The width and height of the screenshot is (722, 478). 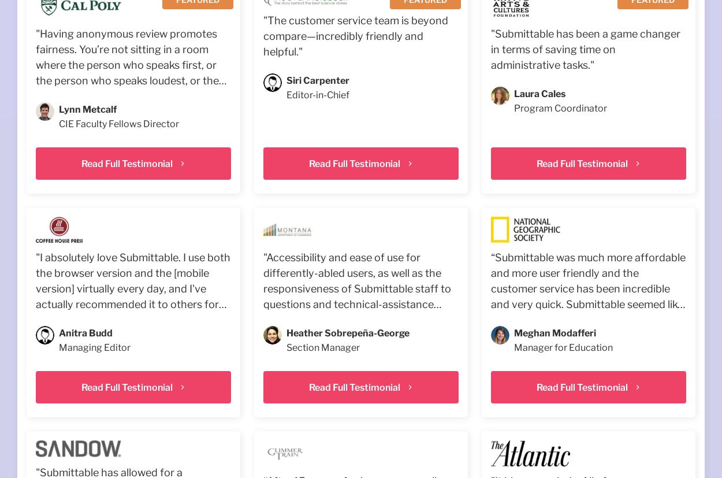 What do you see at coordinates (95, 347) in the screenshot?
I see `'Managing Editor'` at bounding box center [95, 347].